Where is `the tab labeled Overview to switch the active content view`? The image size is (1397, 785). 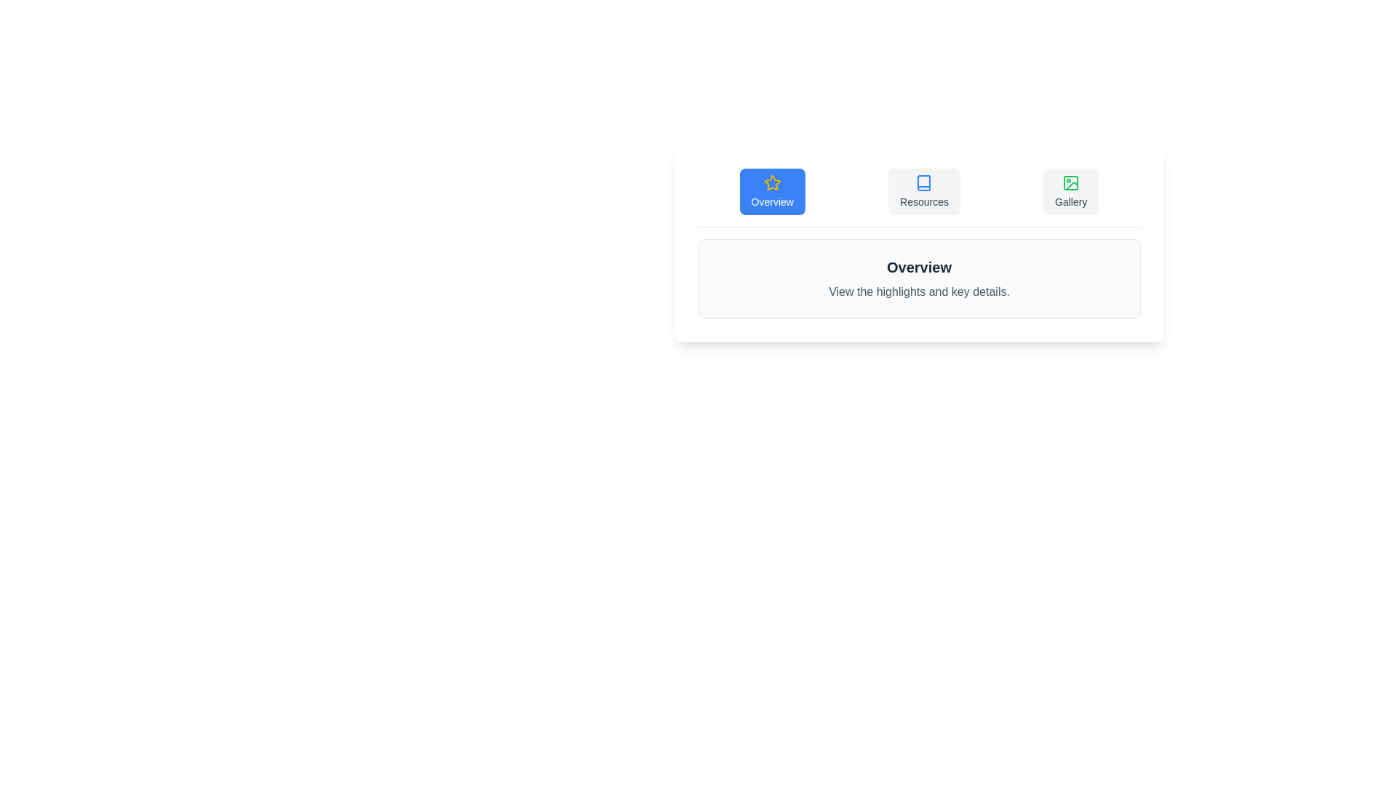 the tab labeled Overview to switch the active content view is located at coordinates (771, 190).